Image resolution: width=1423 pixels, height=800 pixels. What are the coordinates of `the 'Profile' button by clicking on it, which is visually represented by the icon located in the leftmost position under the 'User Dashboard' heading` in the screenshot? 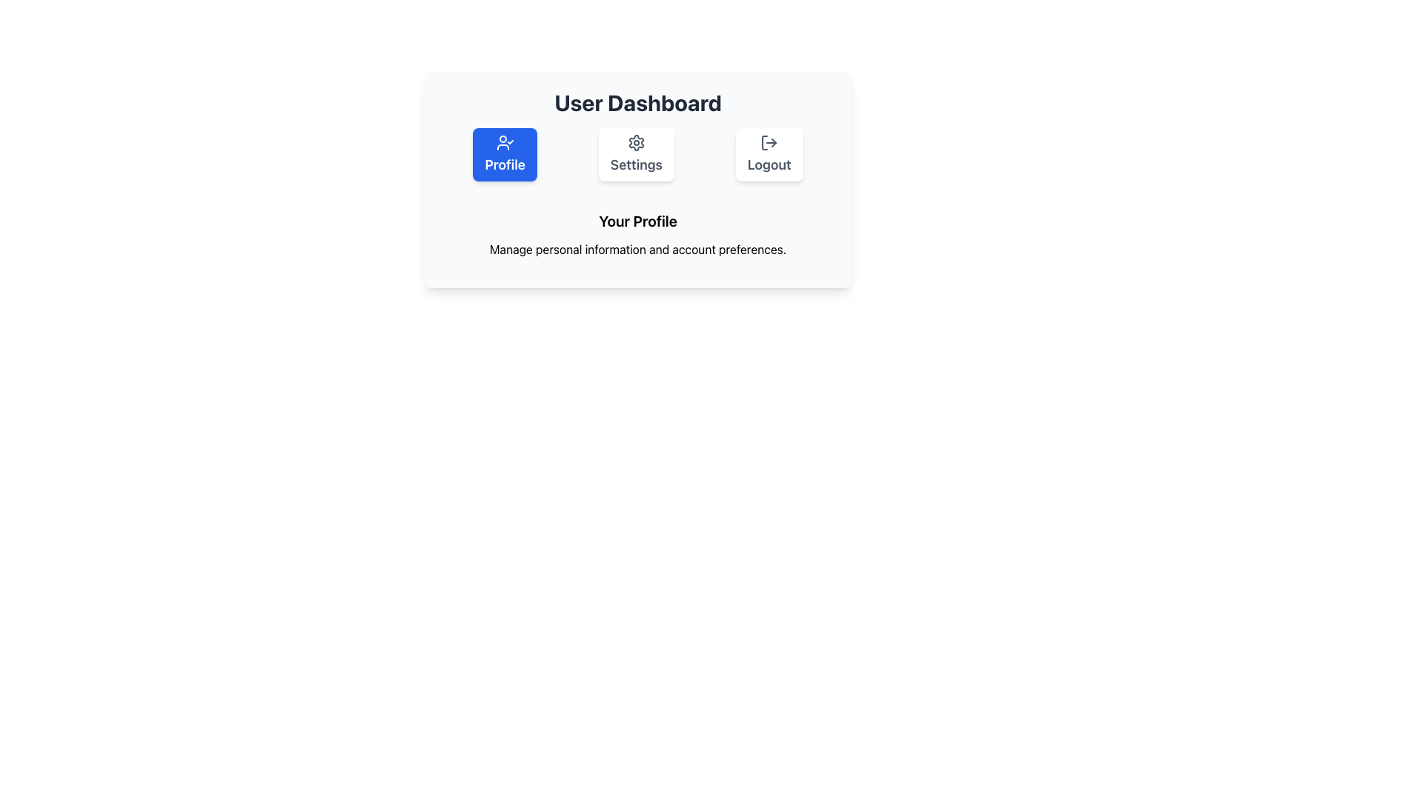 It's located at (505, 142).